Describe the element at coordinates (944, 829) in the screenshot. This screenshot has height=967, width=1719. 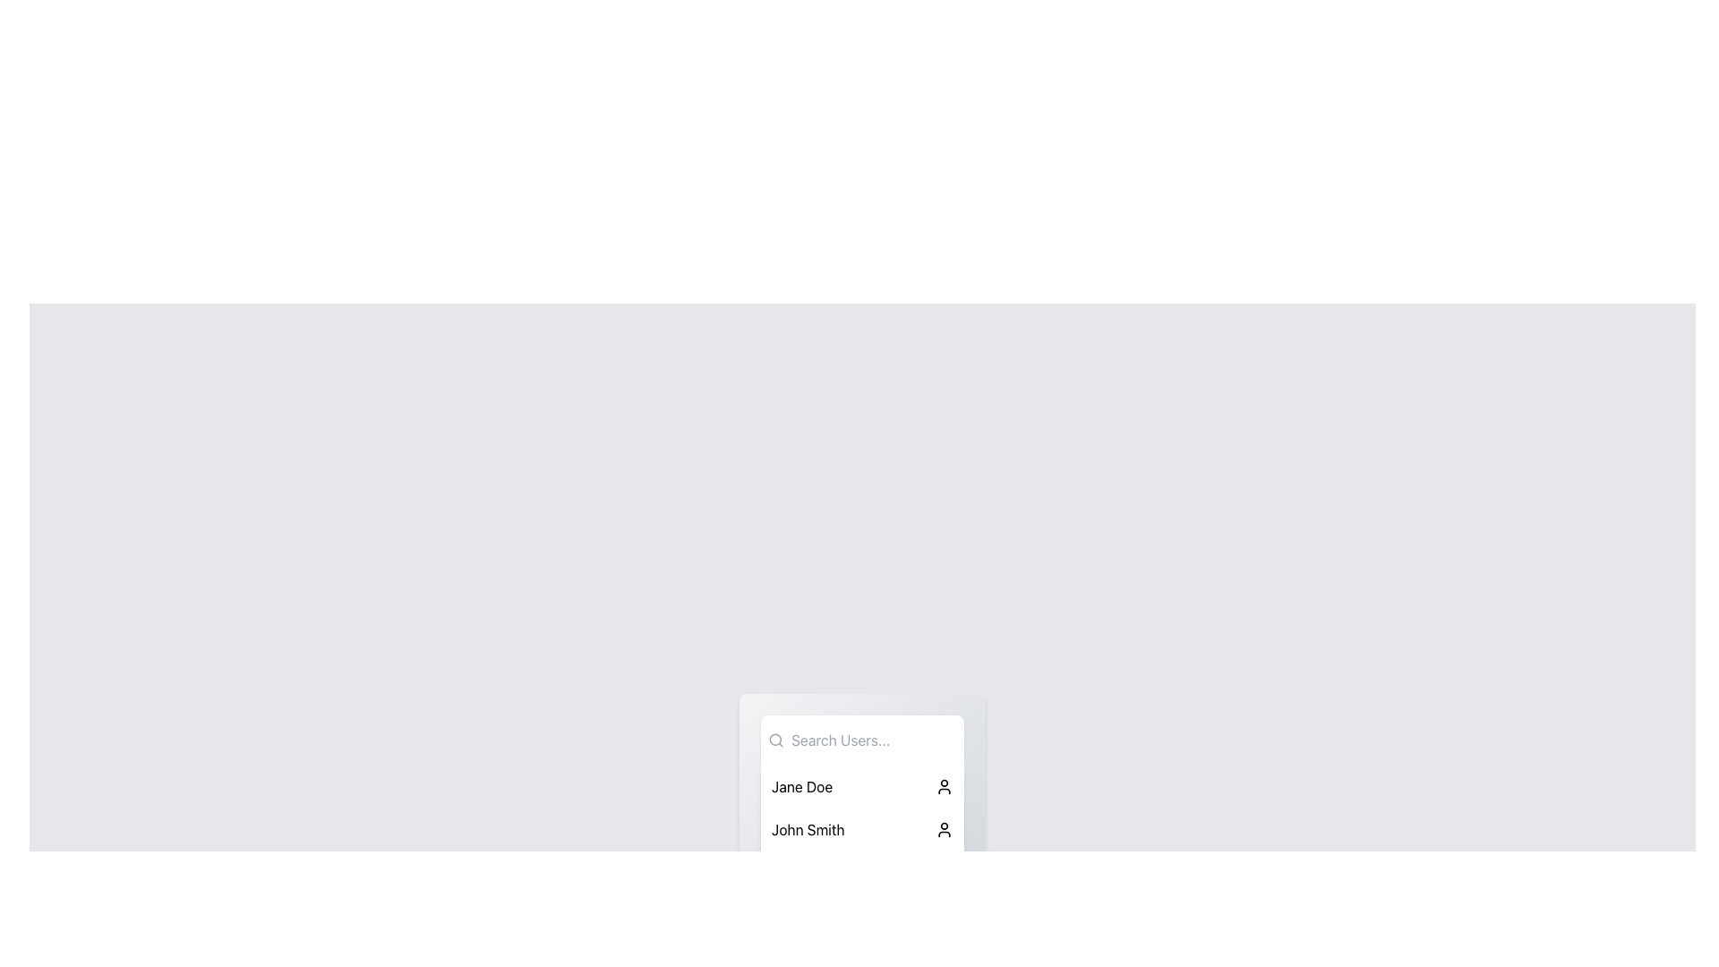
I see `the user profile icon, which is a compact black outline of a person located to the right of the name 'John Smith' in the user selection menu` at that location.